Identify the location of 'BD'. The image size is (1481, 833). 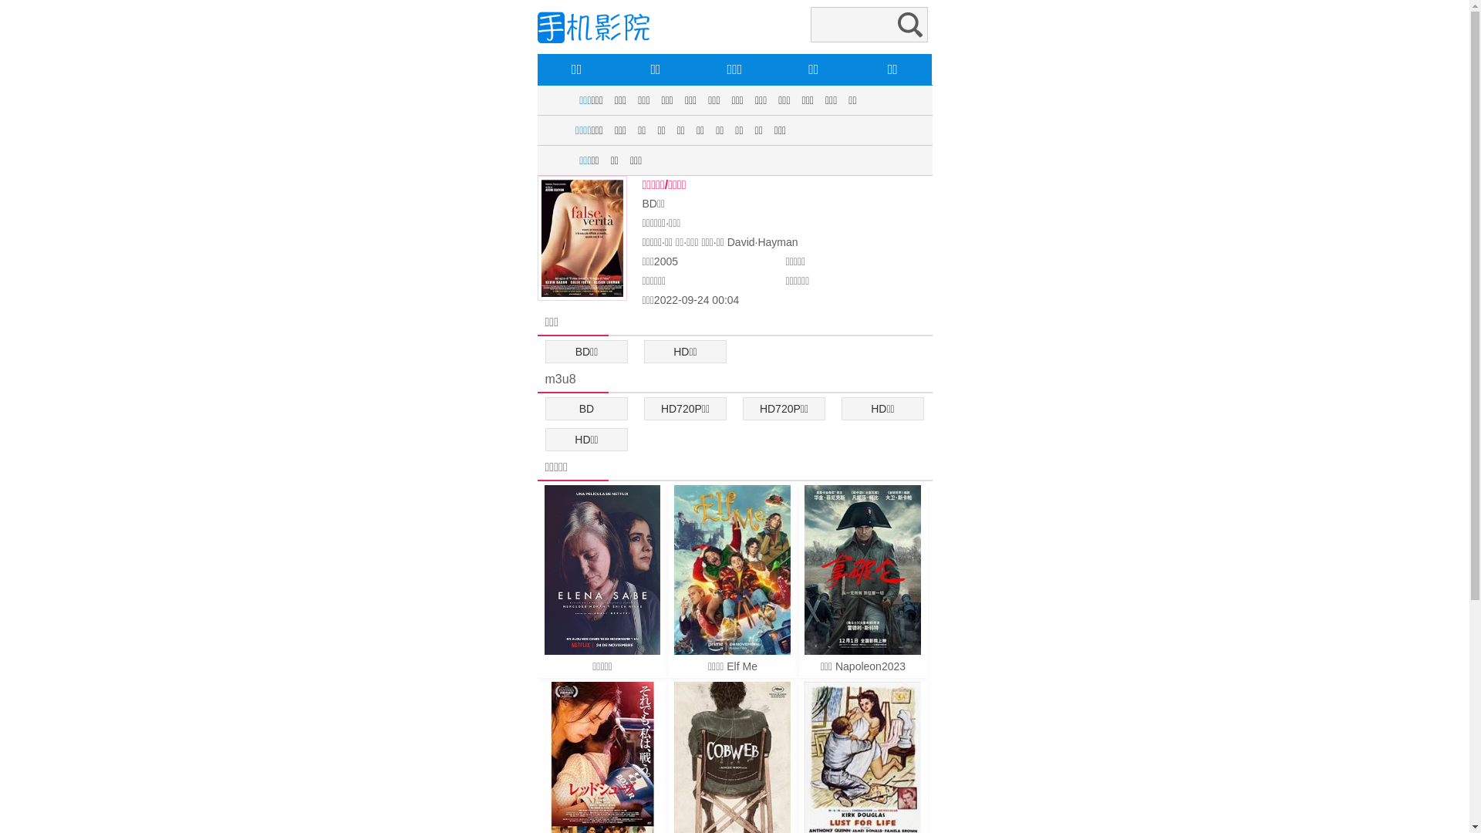
(586, 407).